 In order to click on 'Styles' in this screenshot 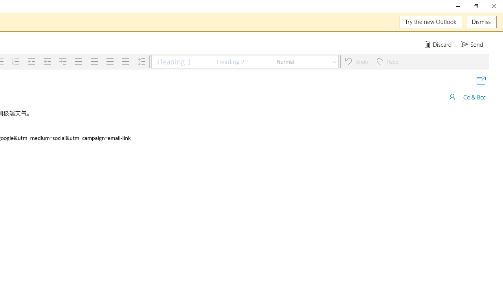, I will do `click(335, 61)`.